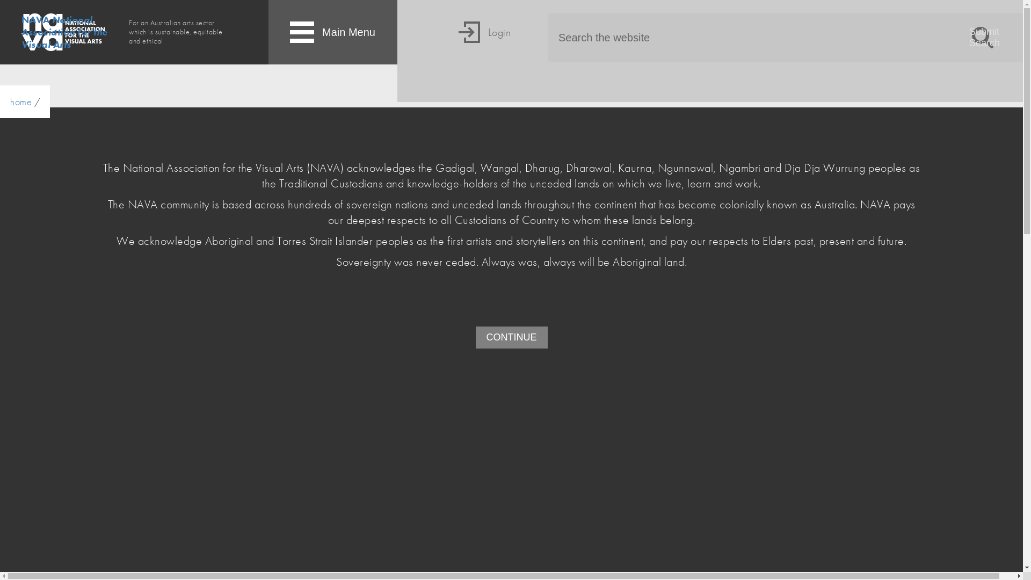 Image resolution: width=1031 pixels, height=580 pixels. What do you see at coordinates (475, 337) in the screenshot?
I see `'CONTINUE'` at bounding box center [475, 337].